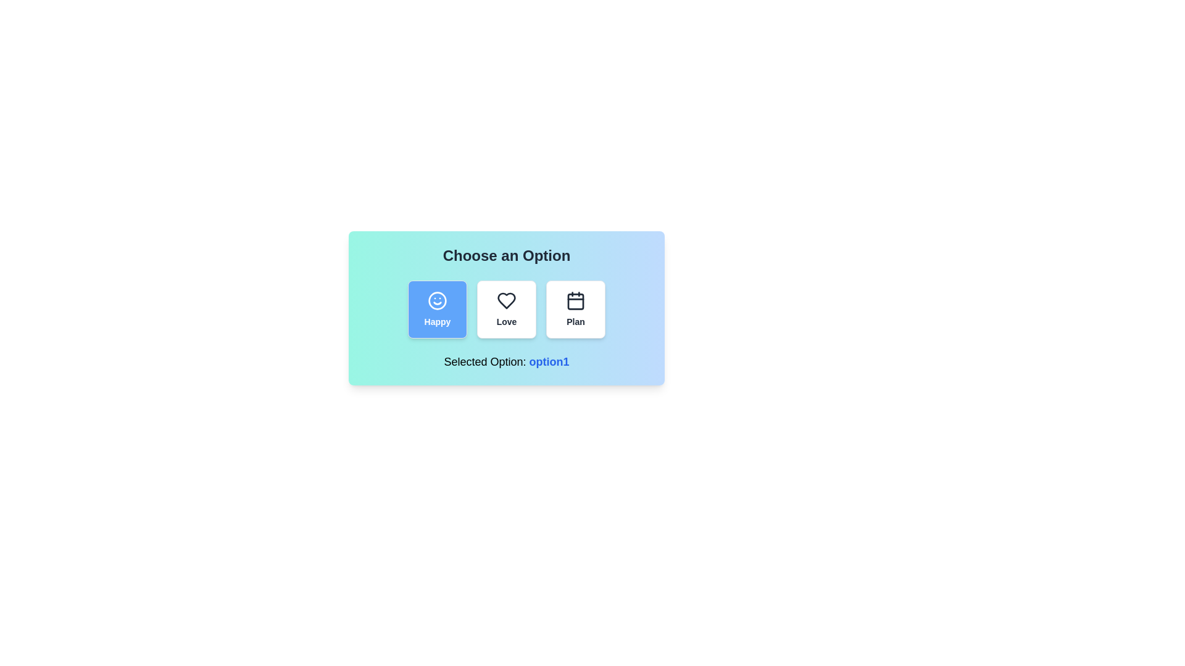 The image size is (1185, 666). I want to click on the heart graphic icon, so click(506, 301).